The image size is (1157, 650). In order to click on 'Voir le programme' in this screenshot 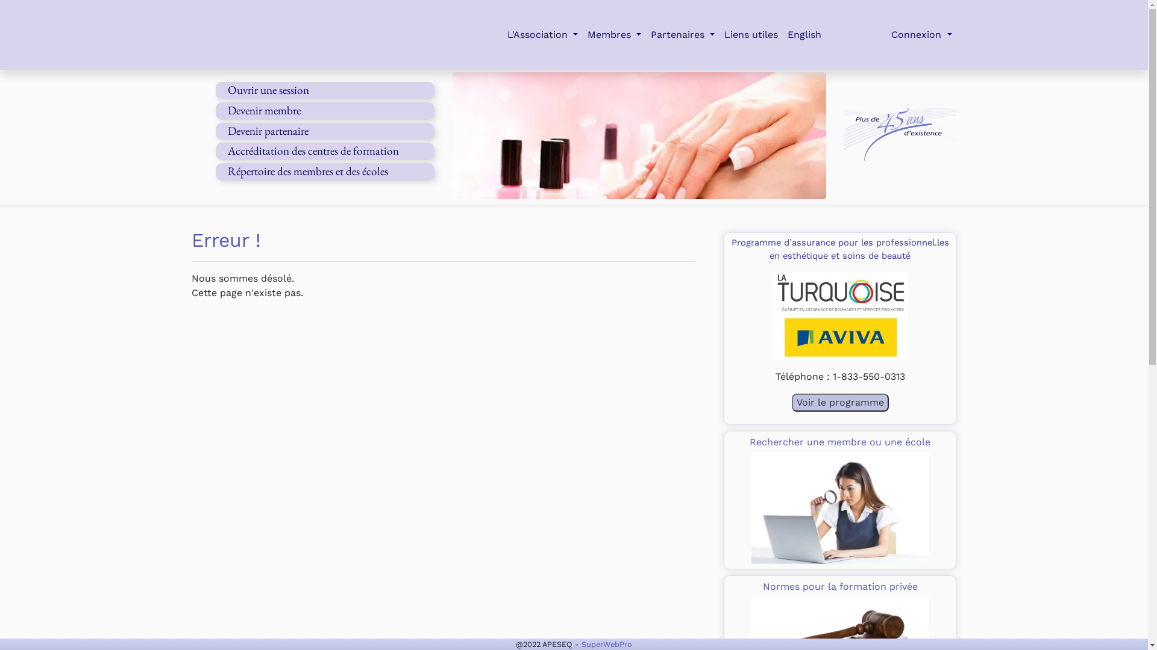, I will do `click(839, 402)`.